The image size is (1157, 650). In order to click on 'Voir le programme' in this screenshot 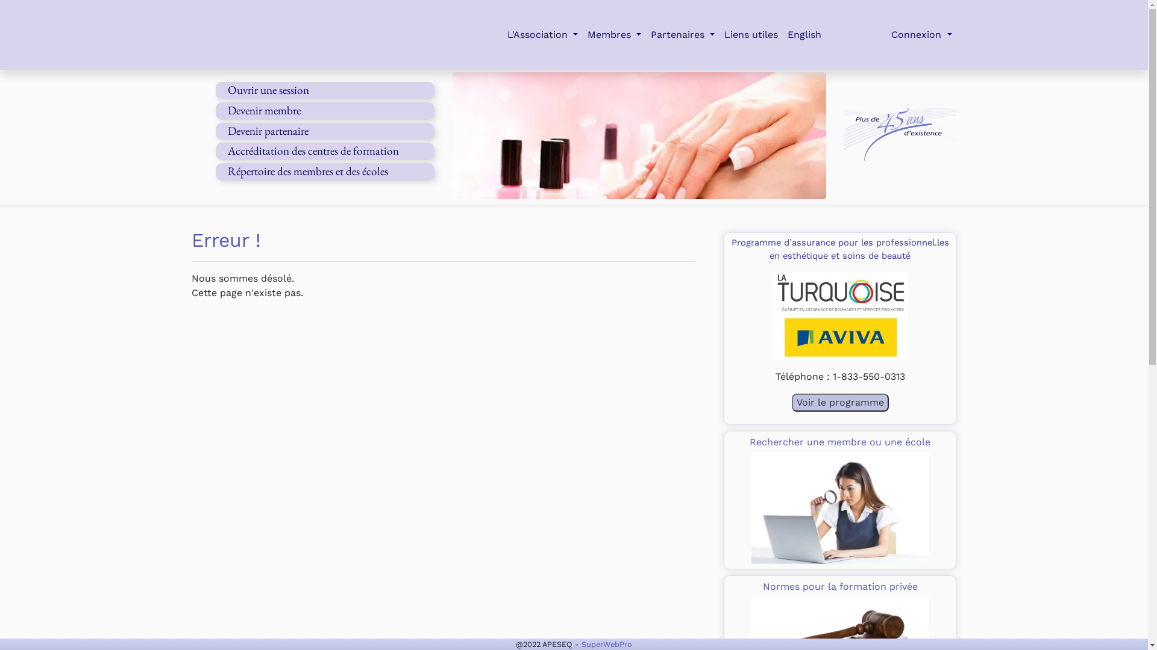, I will do `click(839, 402)`.